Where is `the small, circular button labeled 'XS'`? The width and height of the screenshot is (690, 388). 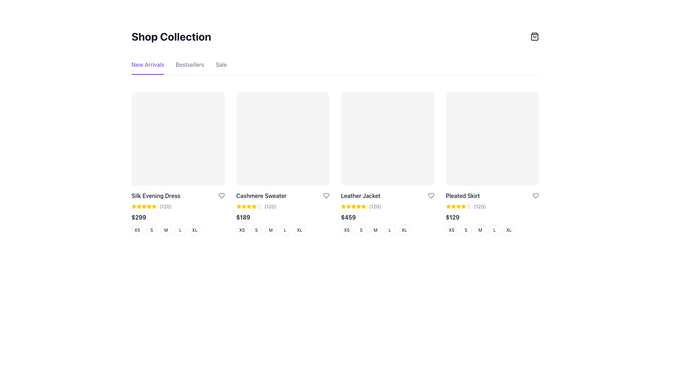
the small, circular button labeled 'XS' is located at coordinates (137, 230).